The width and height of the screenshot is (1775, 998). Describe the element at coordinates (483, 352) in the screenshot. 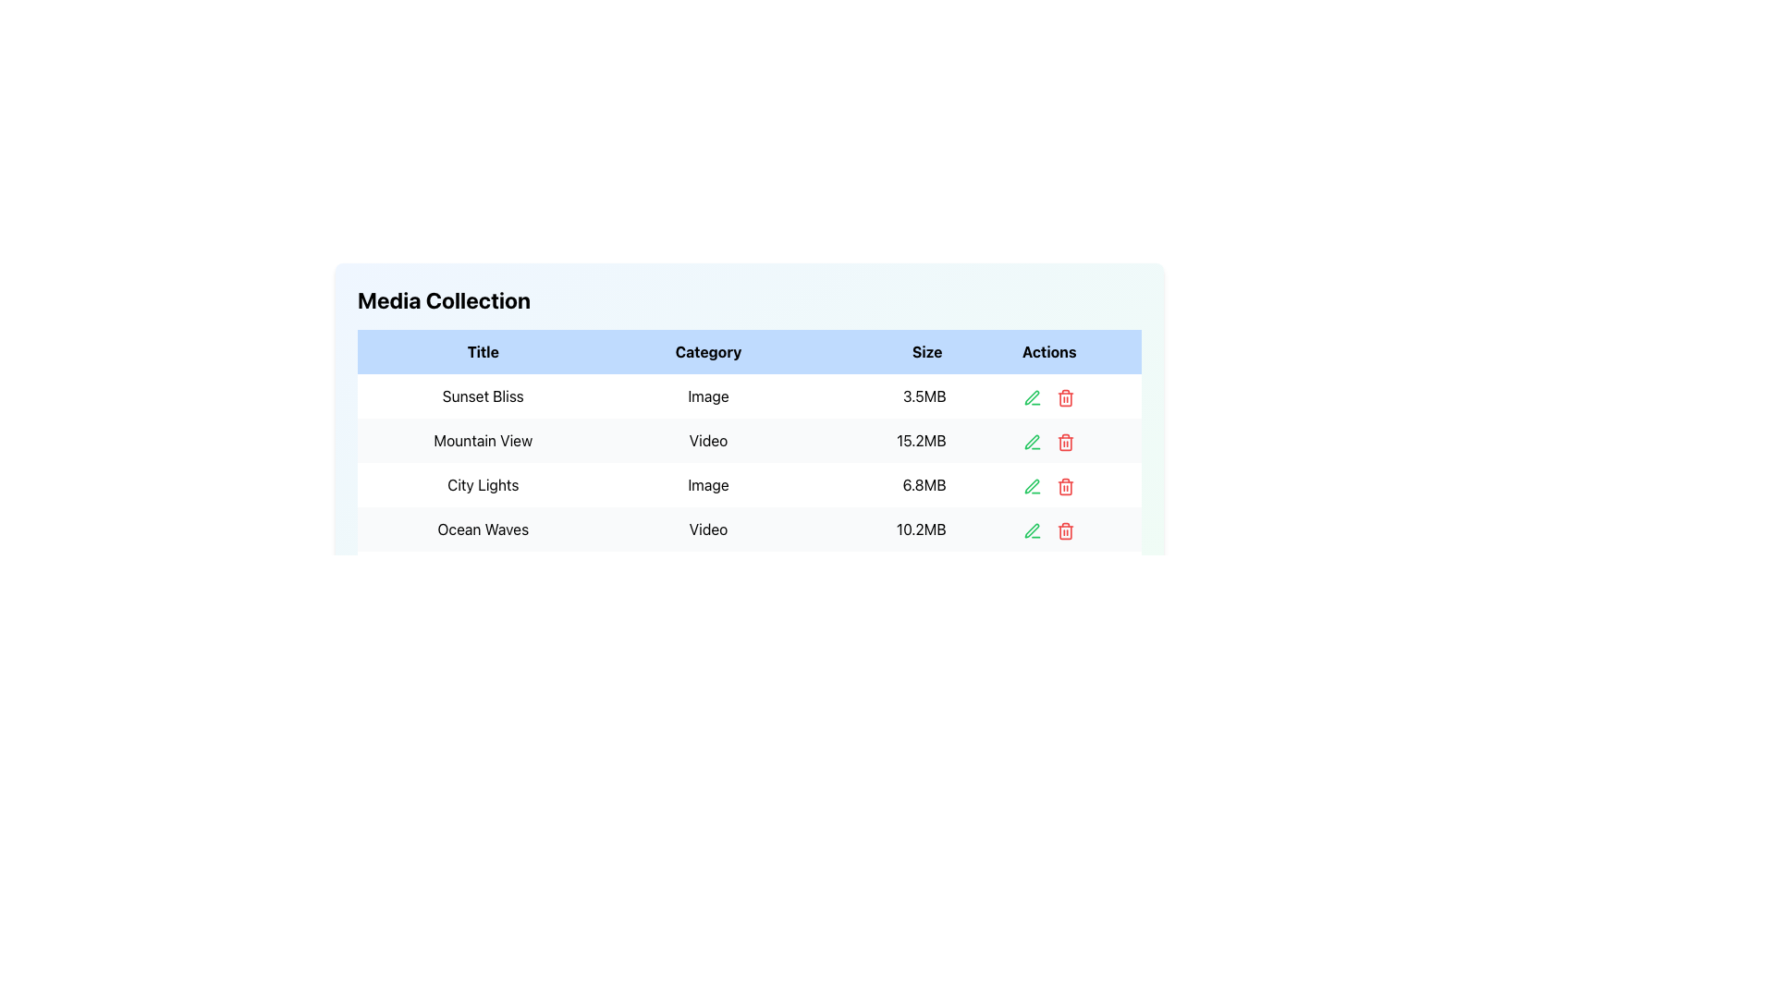

I see `text from the Table Header that displays 'Title', which is centrally aligned in a horizontally-styled table header row with a light blue background, located to the left of the 'Category' header` at that location.